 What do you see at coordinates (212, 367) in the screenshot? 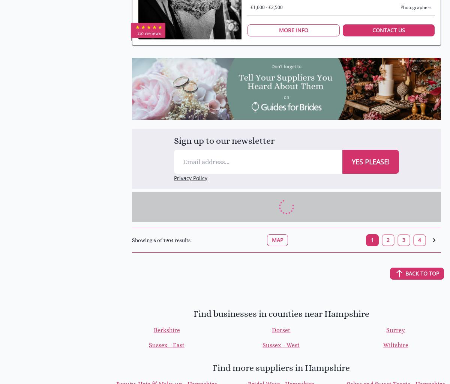
I see `'Find more suppliers in  Hampshire'` at bounding box center [212, 367].